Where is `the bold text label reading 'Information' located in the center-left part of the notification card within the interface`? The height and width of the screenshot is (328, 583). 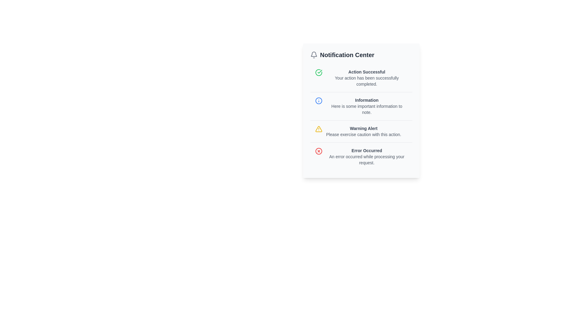
the bold text label reading 'Information' located in the center-left part of the notification card within the interface is located at coordinates (367, 100).